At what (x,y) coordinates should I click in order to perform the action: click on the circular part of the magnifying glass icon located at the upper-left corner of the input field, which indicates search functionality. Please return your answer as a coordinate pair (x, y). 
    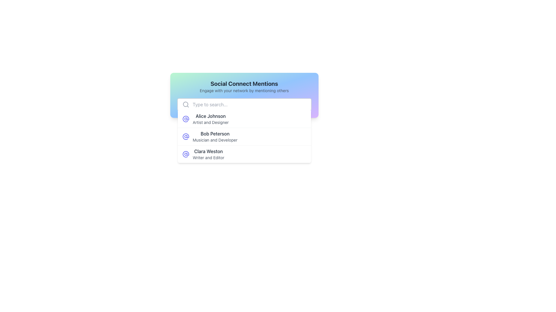
    Looking at the image, I should click on (185, 104).